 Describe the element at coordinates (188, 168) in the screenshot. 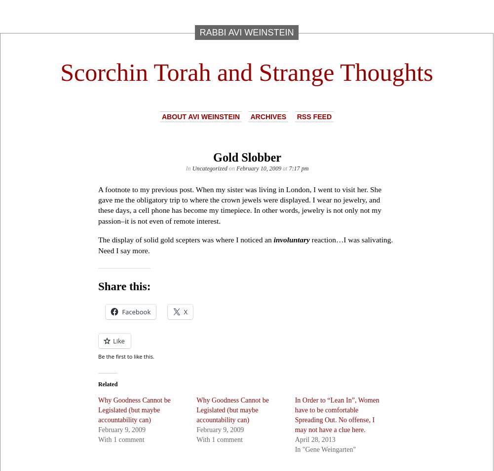

I see `'In'` at that location.